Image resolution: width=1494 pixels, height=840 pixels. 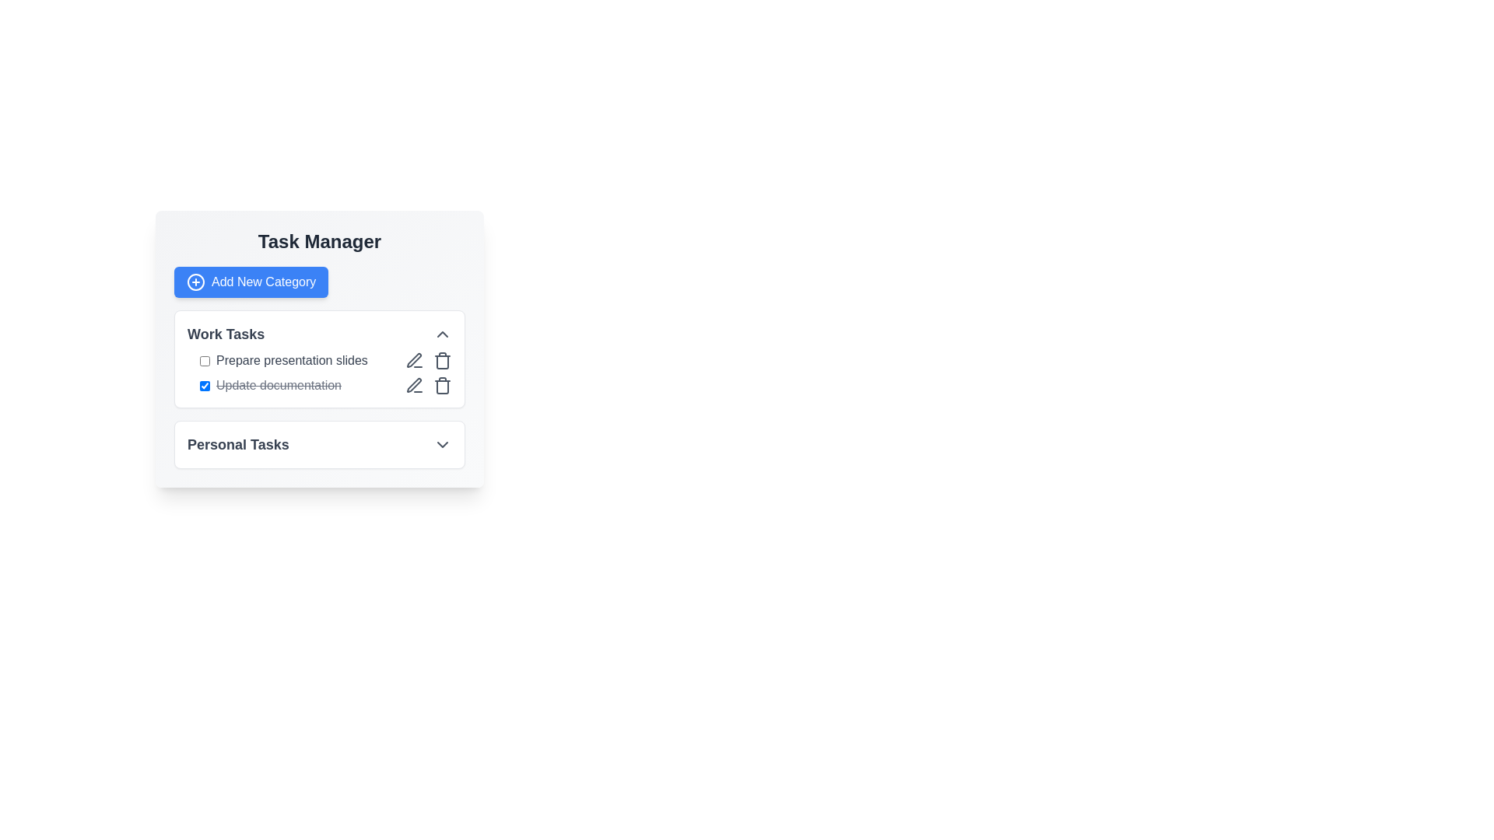 I want to click on the delete button, represented by a trash can icon, so click(x=442, y=385).